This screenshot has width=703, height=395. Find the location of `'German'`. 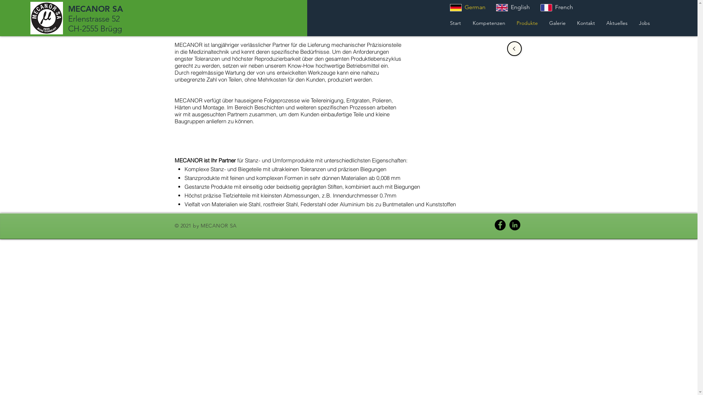

'German' is located at coordinates (467, 7).